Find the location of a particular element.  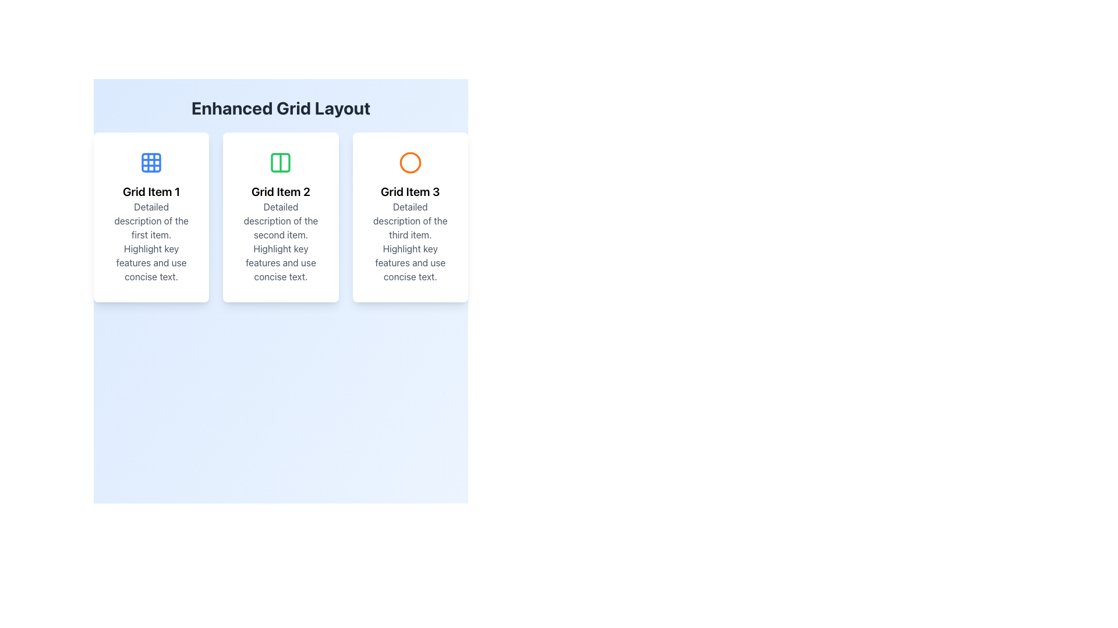

text label that serves as the title for the second grid card, which is centered within the middle card of the grid layout is located at coordinates (281, 191).